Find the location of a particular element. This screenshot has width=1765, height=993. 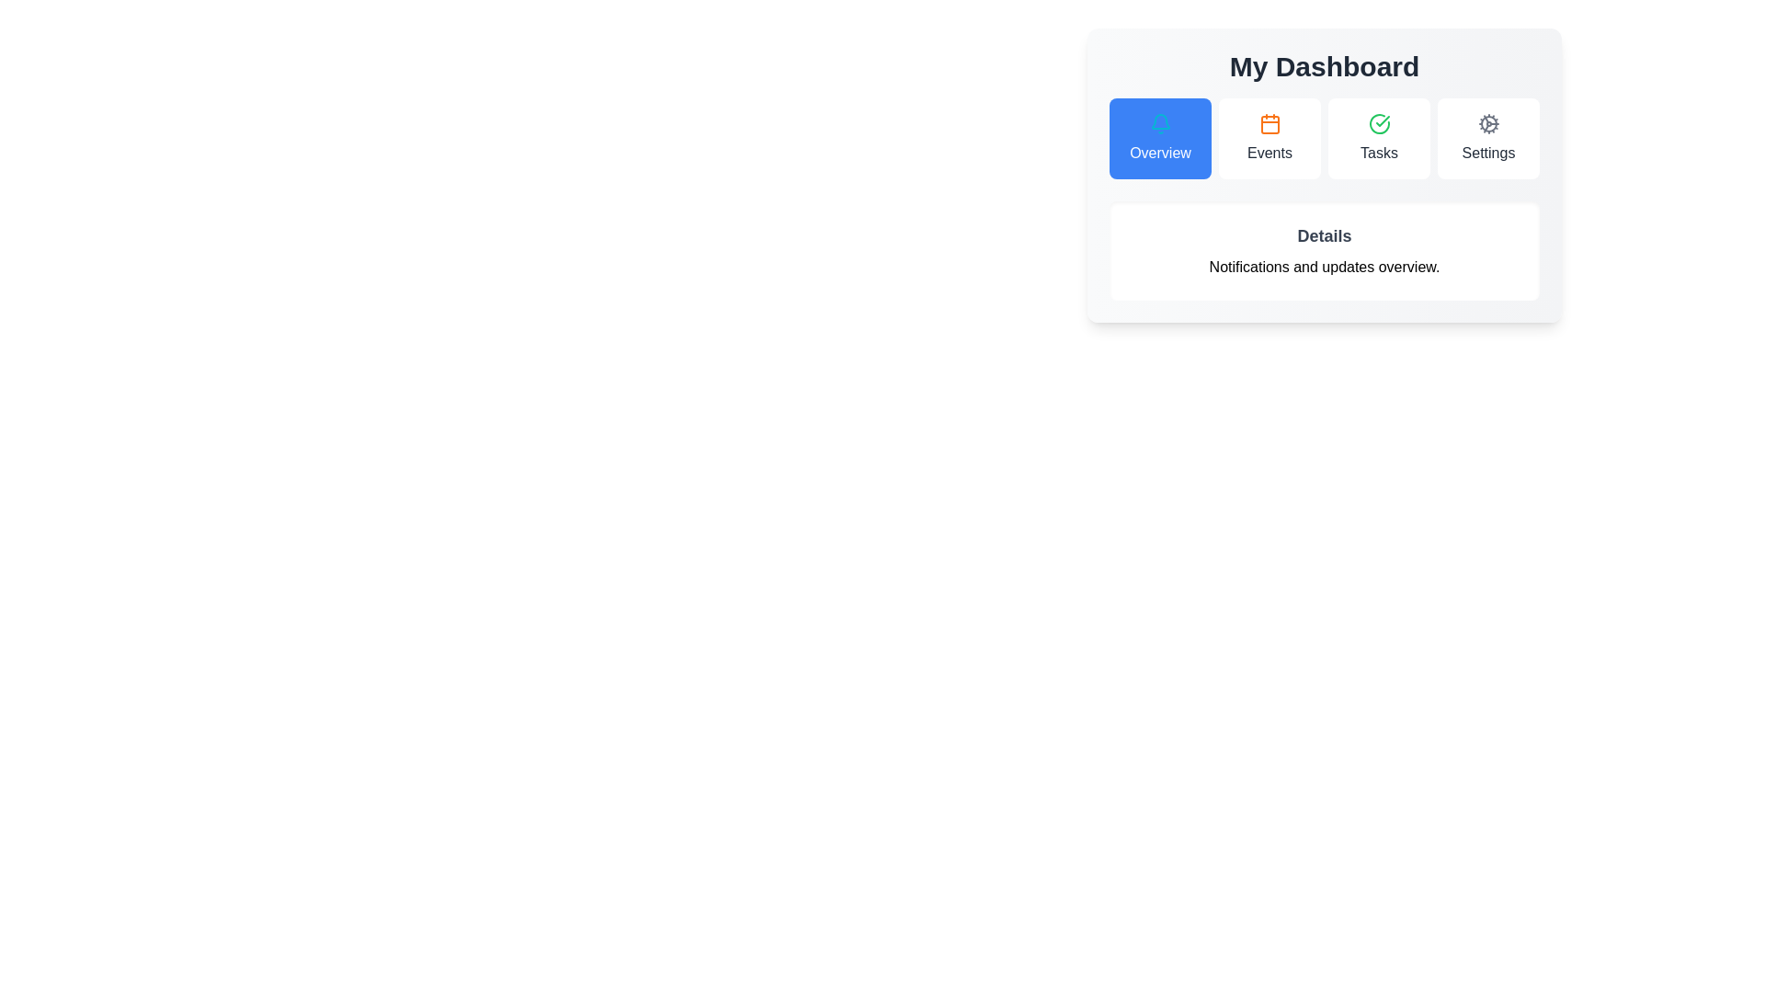

the tab button labeled Events is located at coordinates (1269, 137).